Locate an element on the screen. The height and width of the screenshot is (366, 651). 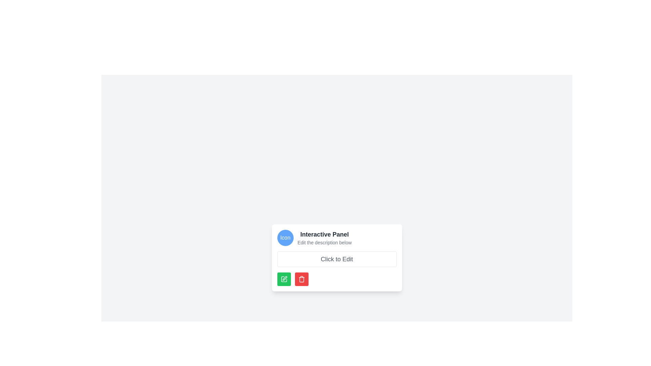
the Label/Text Display element that serves as a title or heading for the card component, which is located in the top-center area of the card is located at coordinates (324, 234).